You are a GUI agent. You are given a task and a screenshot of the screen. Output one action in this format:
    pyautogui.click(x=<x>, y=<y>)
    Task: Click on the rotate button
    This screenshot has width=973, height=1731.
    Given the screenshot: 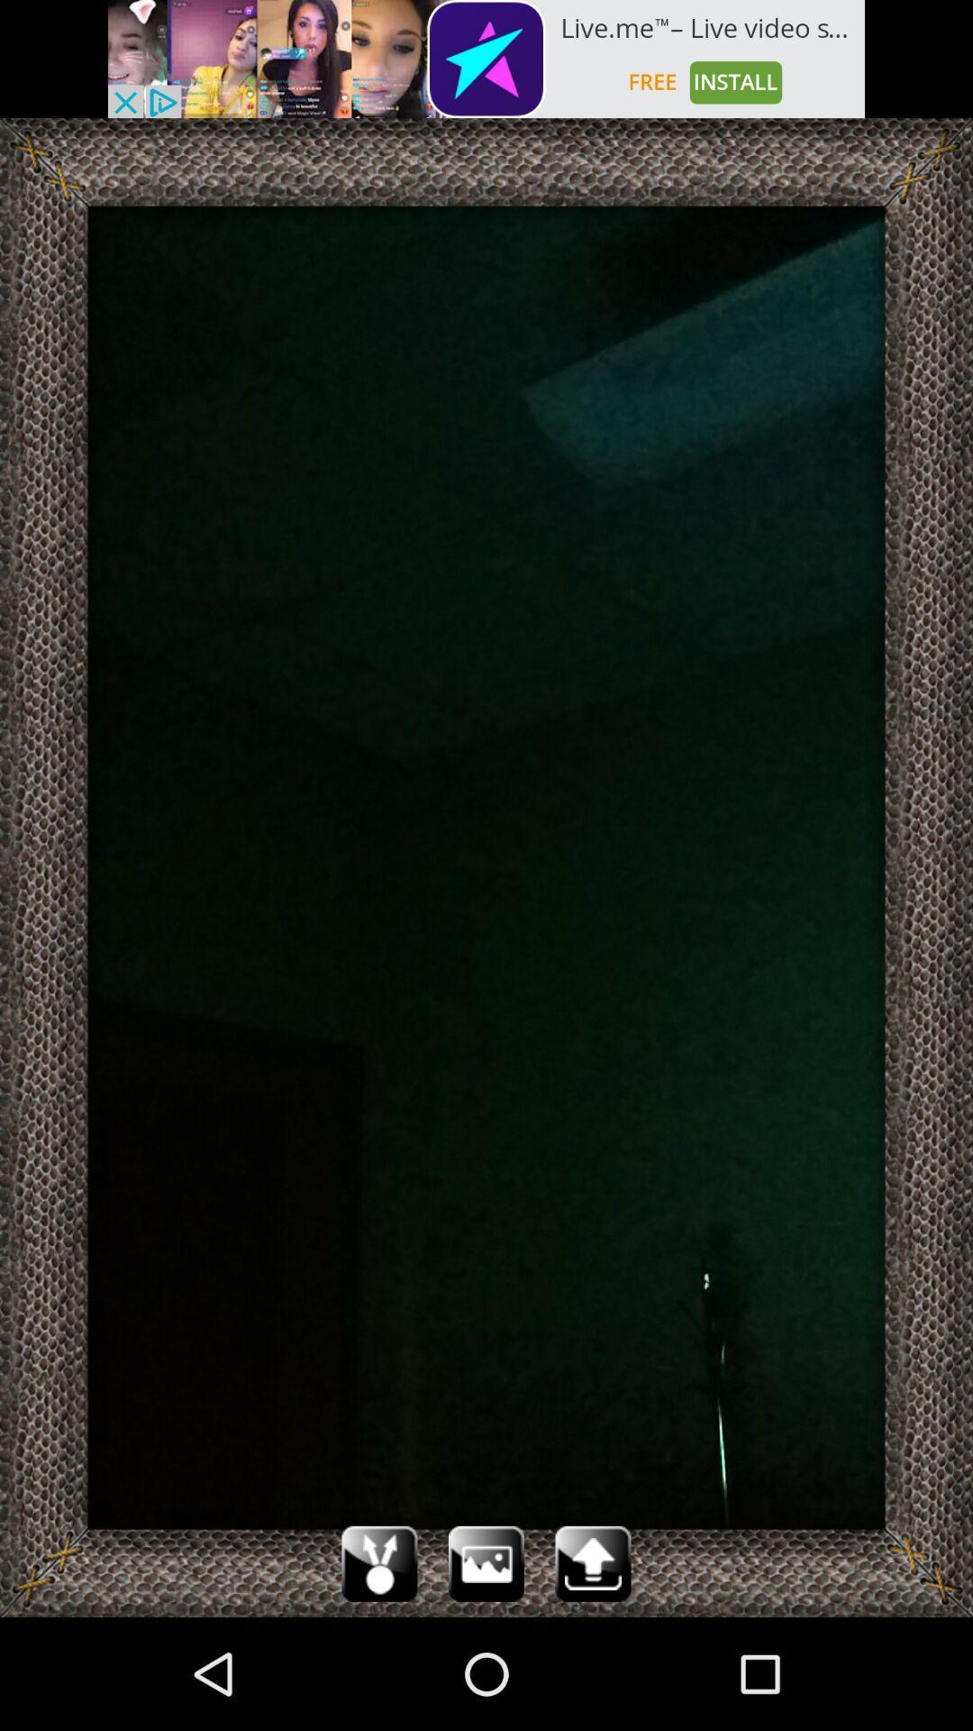 What is the action you would take?
    pyautogui.click(x=378, y=1562)
    